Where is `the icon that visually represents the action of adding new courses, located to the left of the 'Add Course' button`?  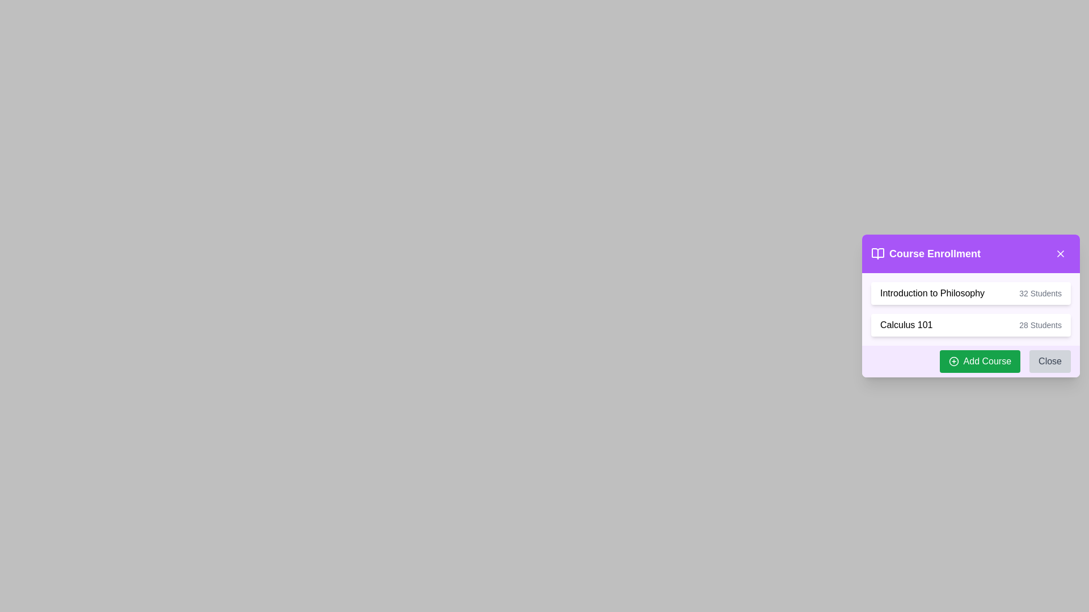
the icon that visually represents the action of adding new courses, located to the left of the 'Add Course' button is located at coordinates (953, 361).